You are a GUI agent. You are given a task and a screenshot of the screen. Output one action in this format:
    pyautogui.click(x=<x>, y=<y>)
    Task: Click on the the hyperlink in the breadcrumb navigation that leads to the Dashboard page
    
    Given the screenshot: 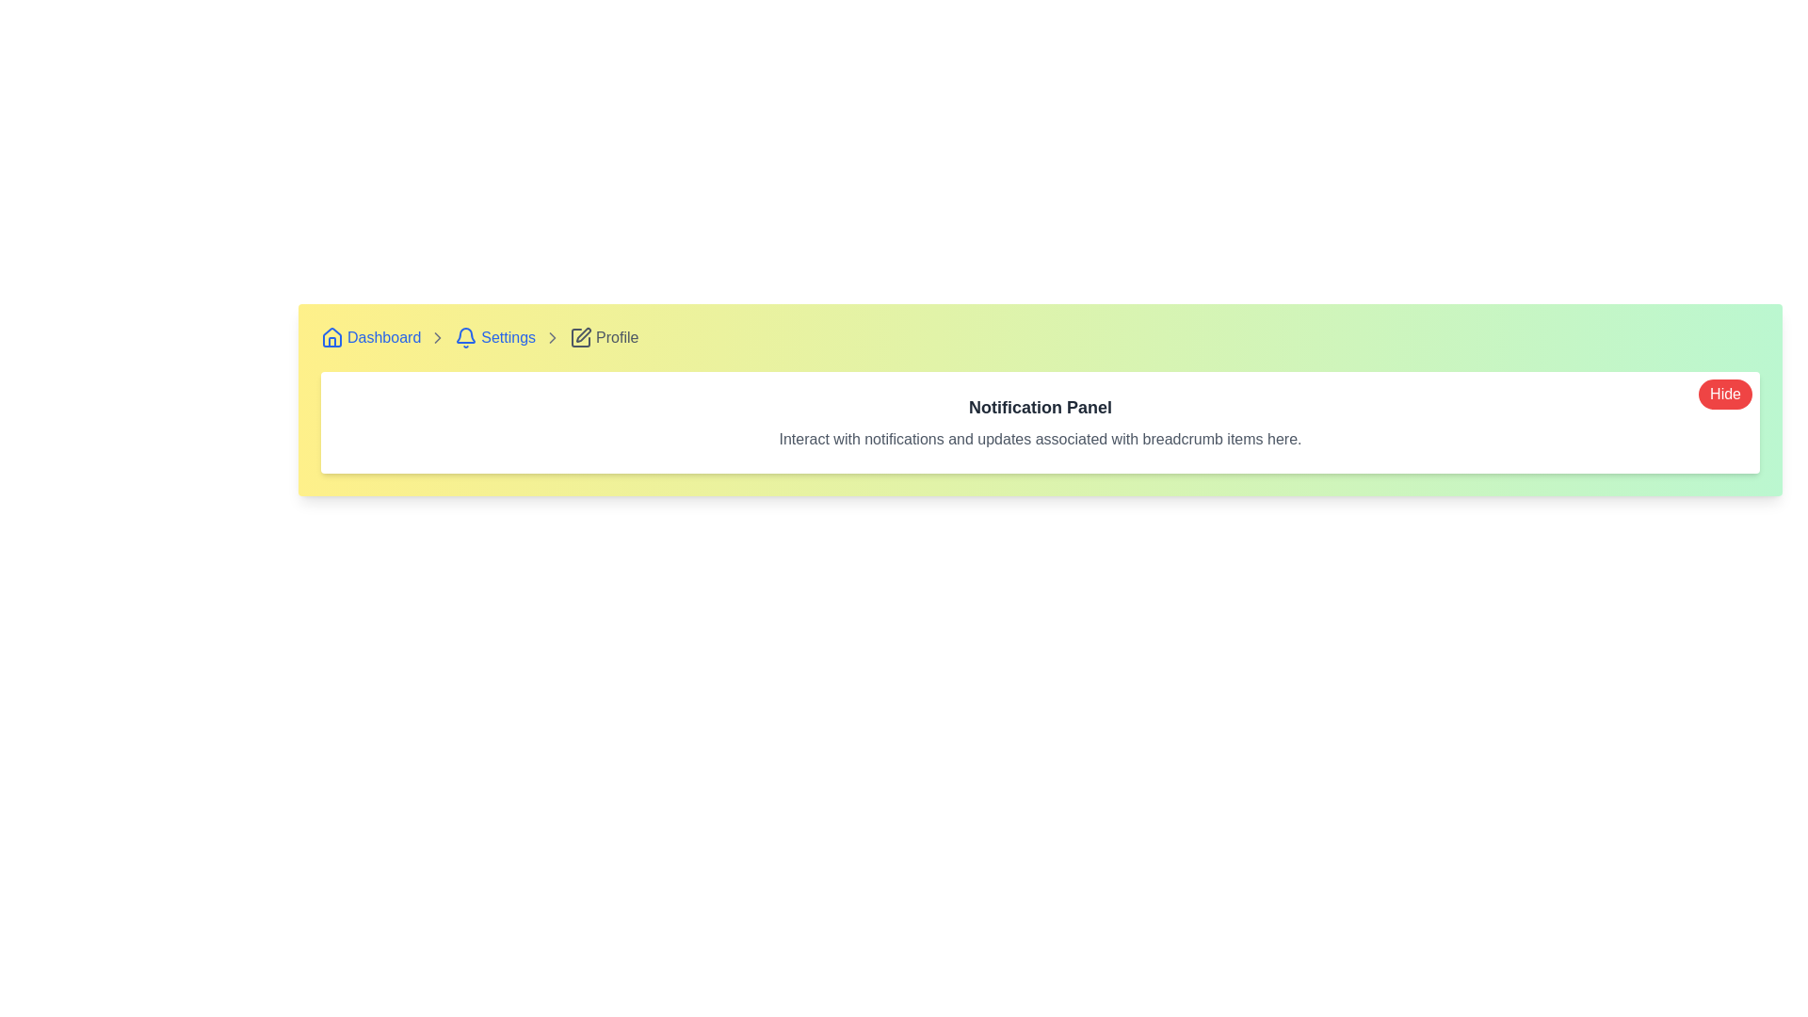 What is the action you would take?
    pyautogui.click(x=371, y=336)
    